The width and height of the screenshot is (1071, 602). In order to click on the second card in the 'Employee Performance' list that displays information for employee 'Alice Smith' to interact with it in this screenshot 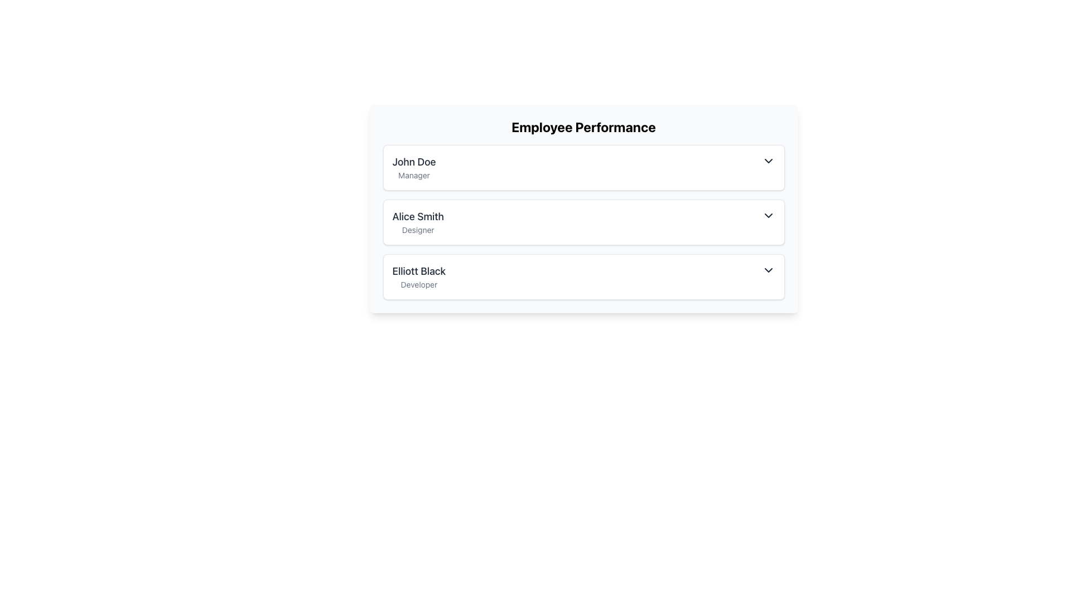, I will do `click(583, 208)`.